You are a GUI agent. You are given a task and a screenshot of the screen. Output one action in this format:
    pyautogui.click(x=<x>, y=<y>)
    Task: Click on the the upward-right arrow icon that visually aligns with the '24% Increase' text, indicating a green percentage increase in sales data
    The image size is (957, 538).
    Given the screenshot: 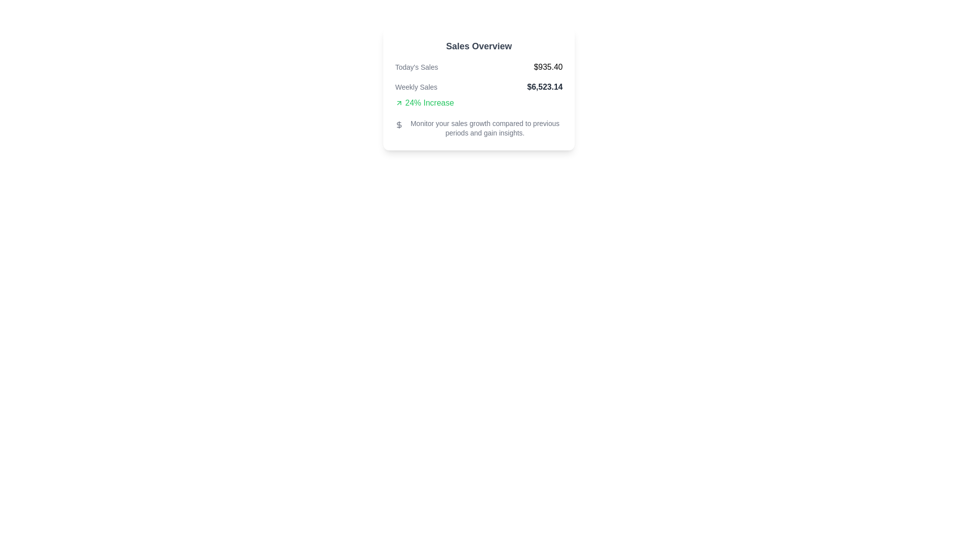 What is the action you would take?
    pyautogui.click(x=399, y=103)
    